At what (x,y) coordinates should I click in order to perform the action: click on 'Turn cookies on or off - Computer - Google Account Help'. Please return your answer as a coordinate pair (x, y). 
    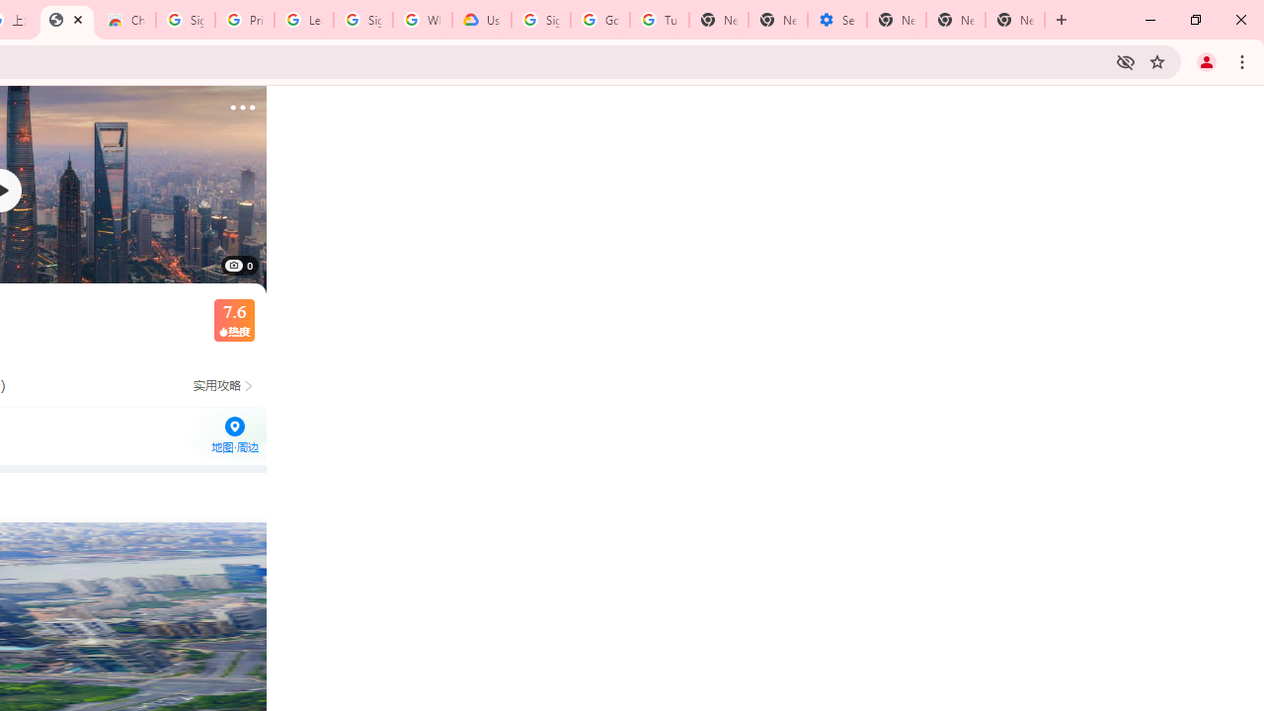
    Looking at the image, I should click on (659, 20).